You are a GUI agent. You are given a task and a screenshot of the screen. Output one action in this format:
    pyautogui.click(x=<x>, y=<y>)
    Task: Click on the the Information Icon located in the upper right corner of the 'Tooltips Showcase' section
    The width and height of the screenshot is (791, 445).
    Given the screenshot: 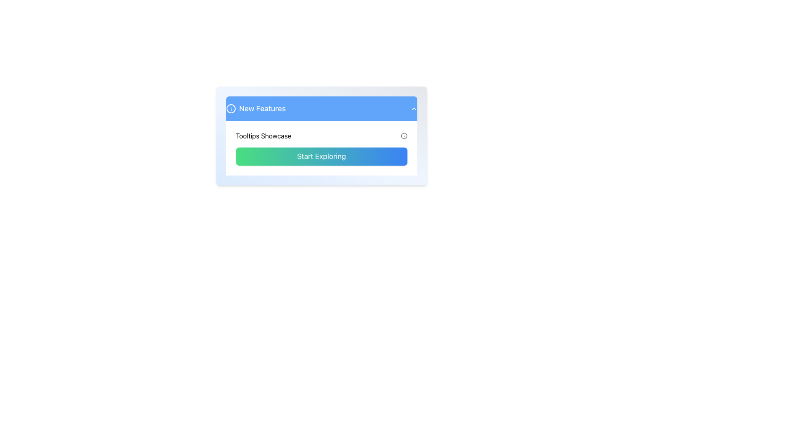 What is the action you would take?
    pyautogui.click(x=404, y=136)
    